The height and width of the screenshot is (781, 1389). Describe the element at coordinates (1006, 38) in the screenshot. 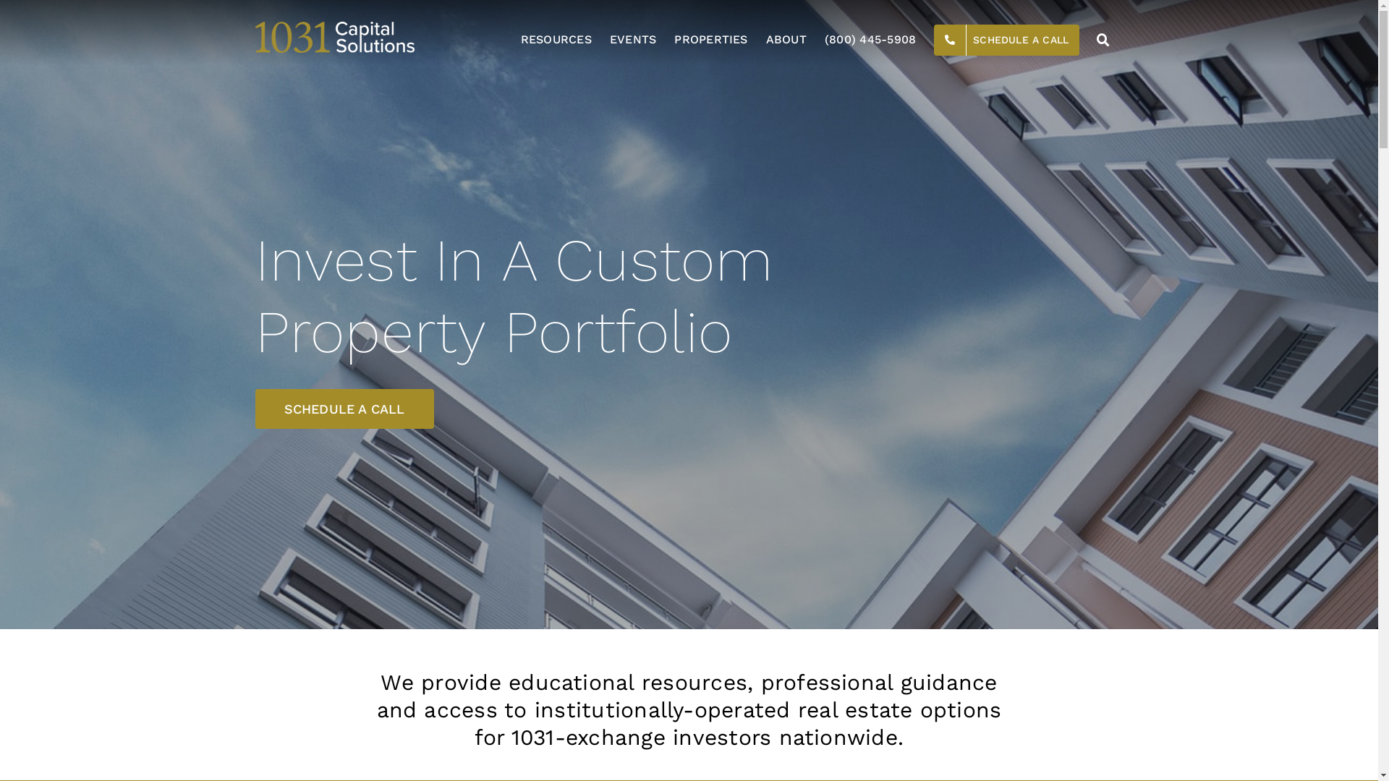

I see `'SCHEDULE A CALL'` at that location.